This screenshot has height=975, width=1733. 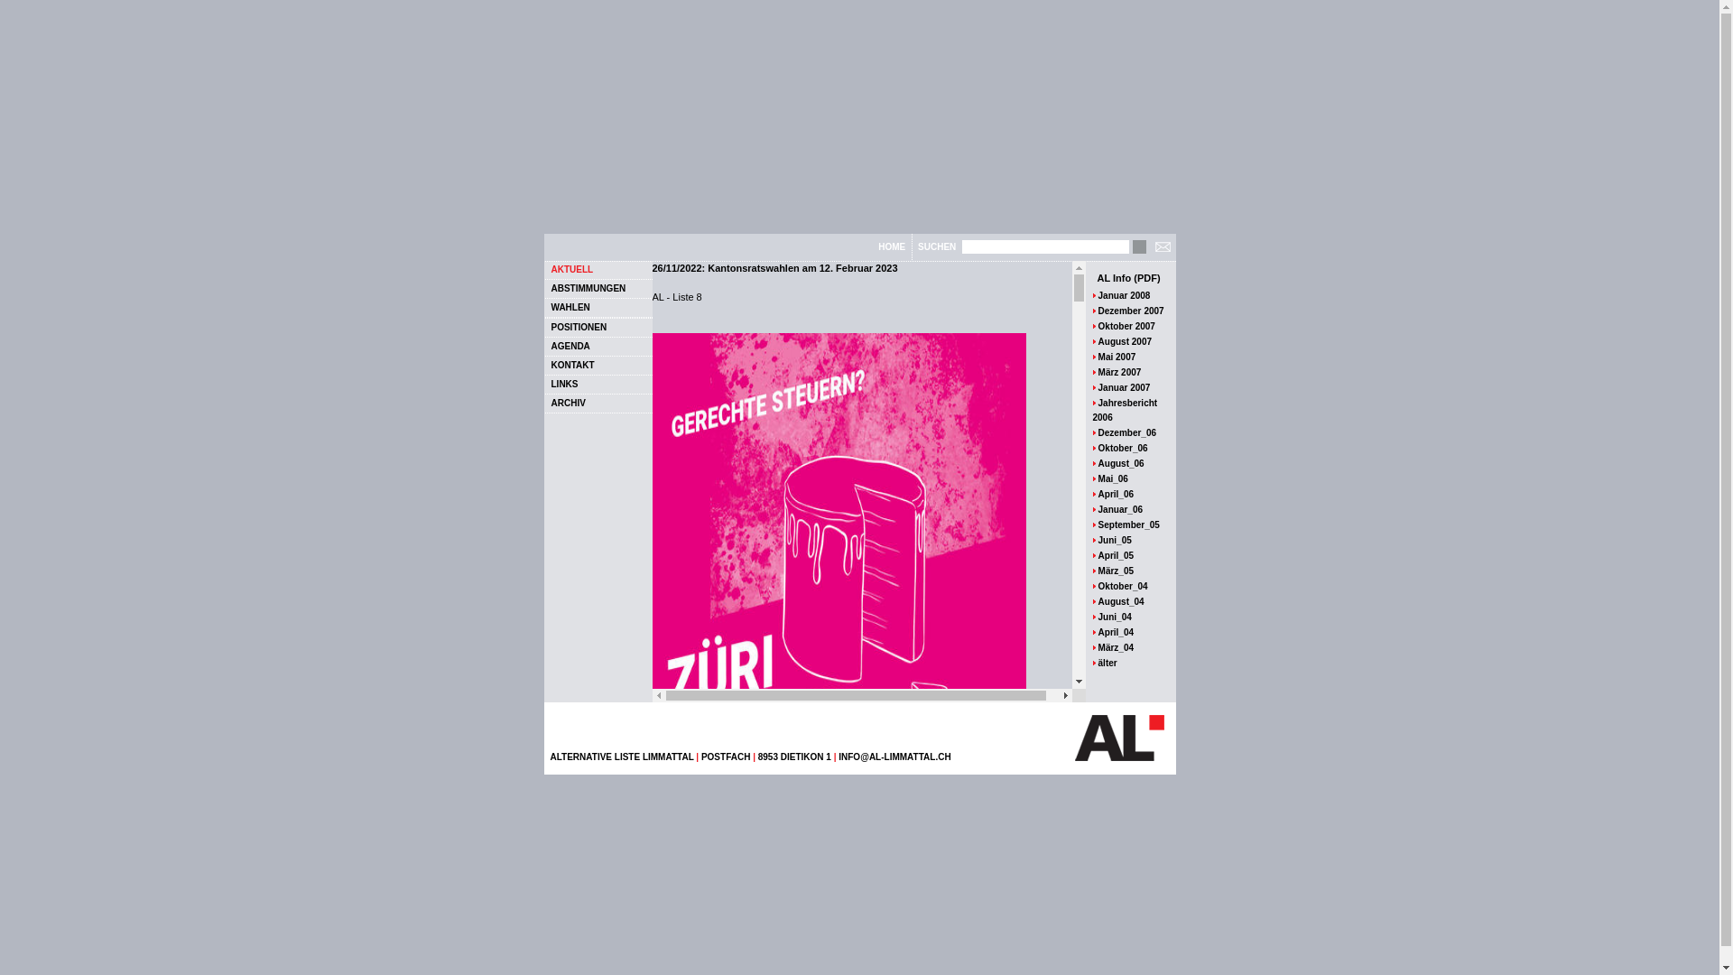 I want to click on 'April_05', so click(x=1115, y=554).